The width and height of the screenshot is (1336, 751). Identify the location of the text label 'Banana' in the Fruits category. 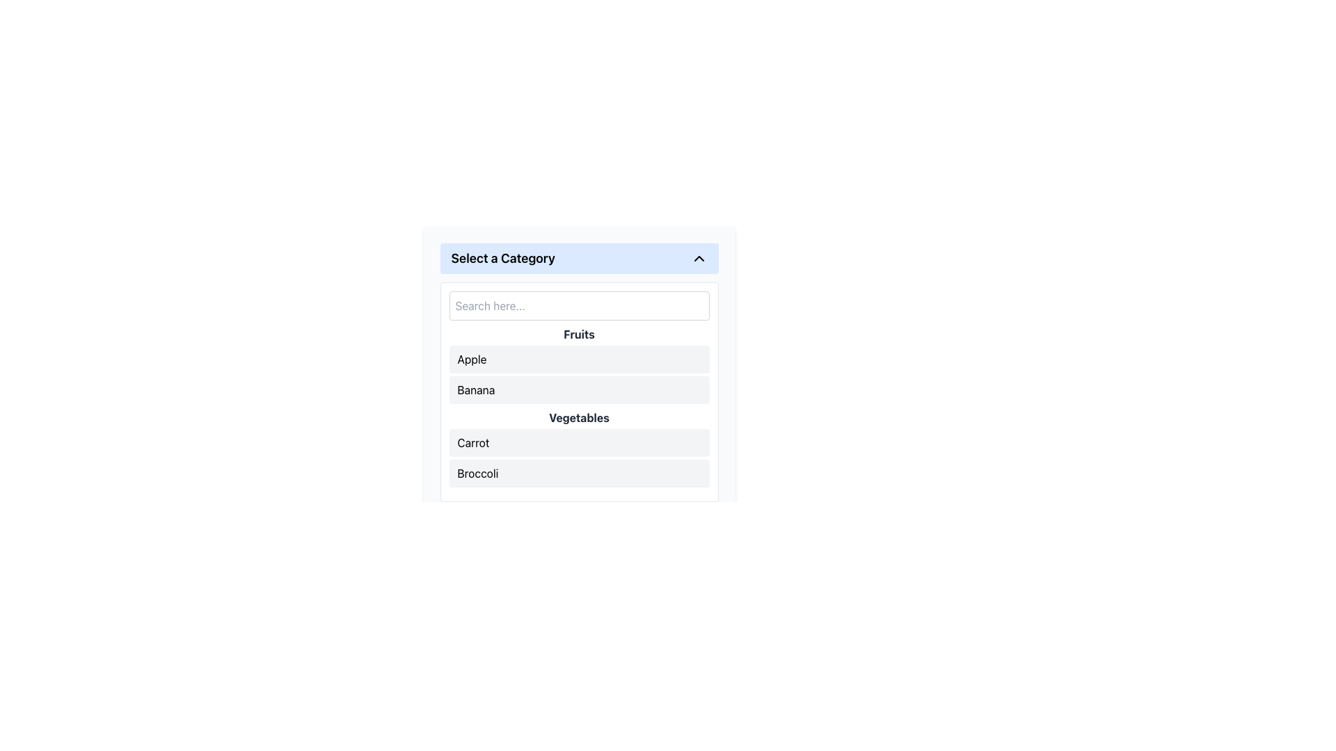
(476, 389).